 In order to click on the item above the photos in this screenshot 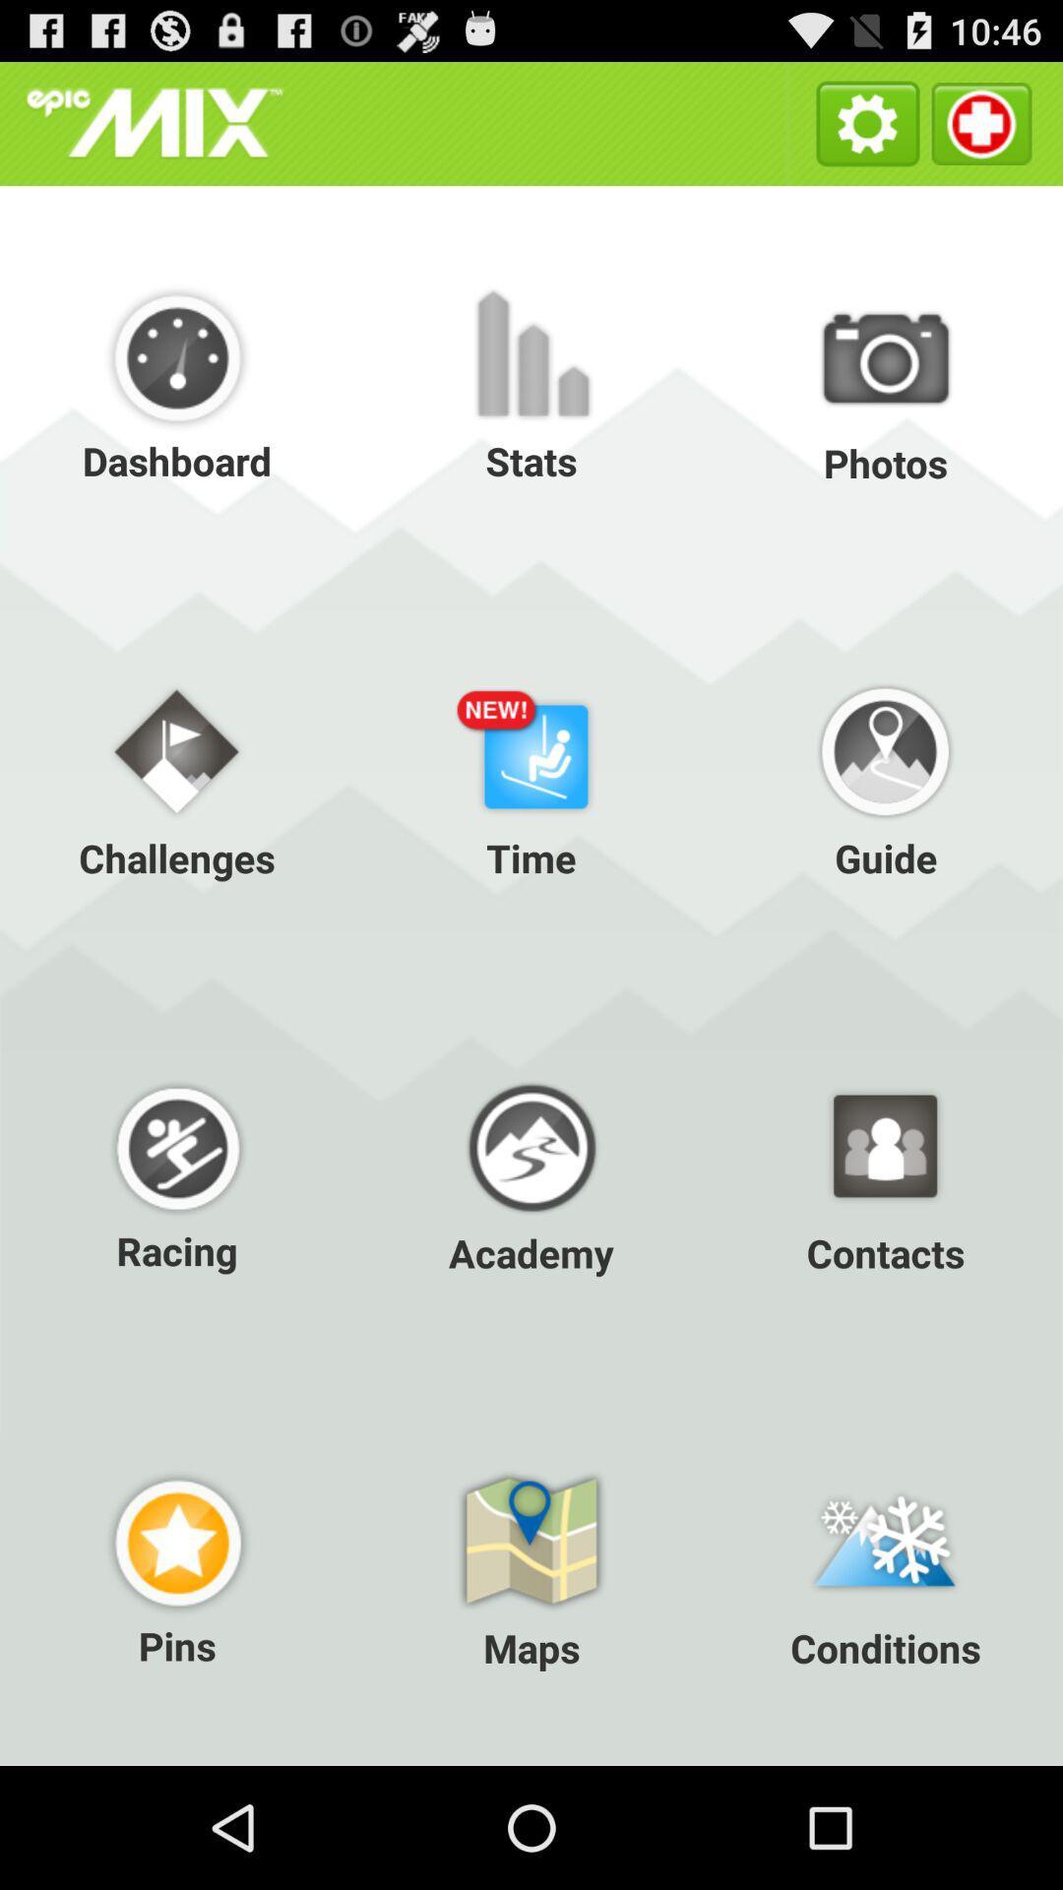, I will do `click(867, 122)`.